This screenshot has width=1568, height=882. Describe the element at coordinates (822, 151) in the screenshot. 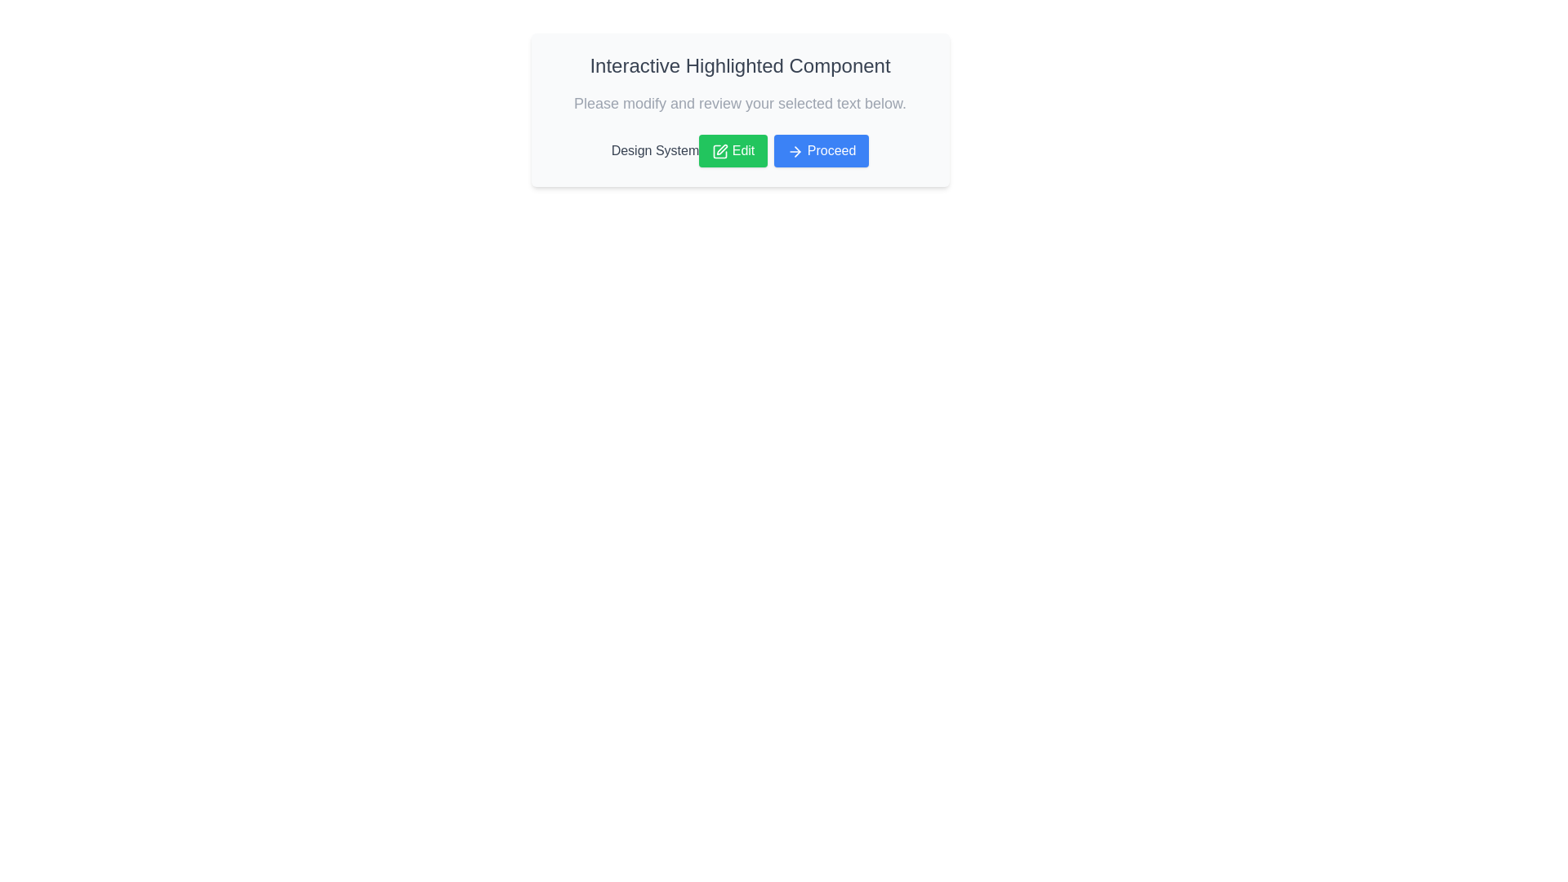

I see `the blue 'Proceed' button with white text` at that location.